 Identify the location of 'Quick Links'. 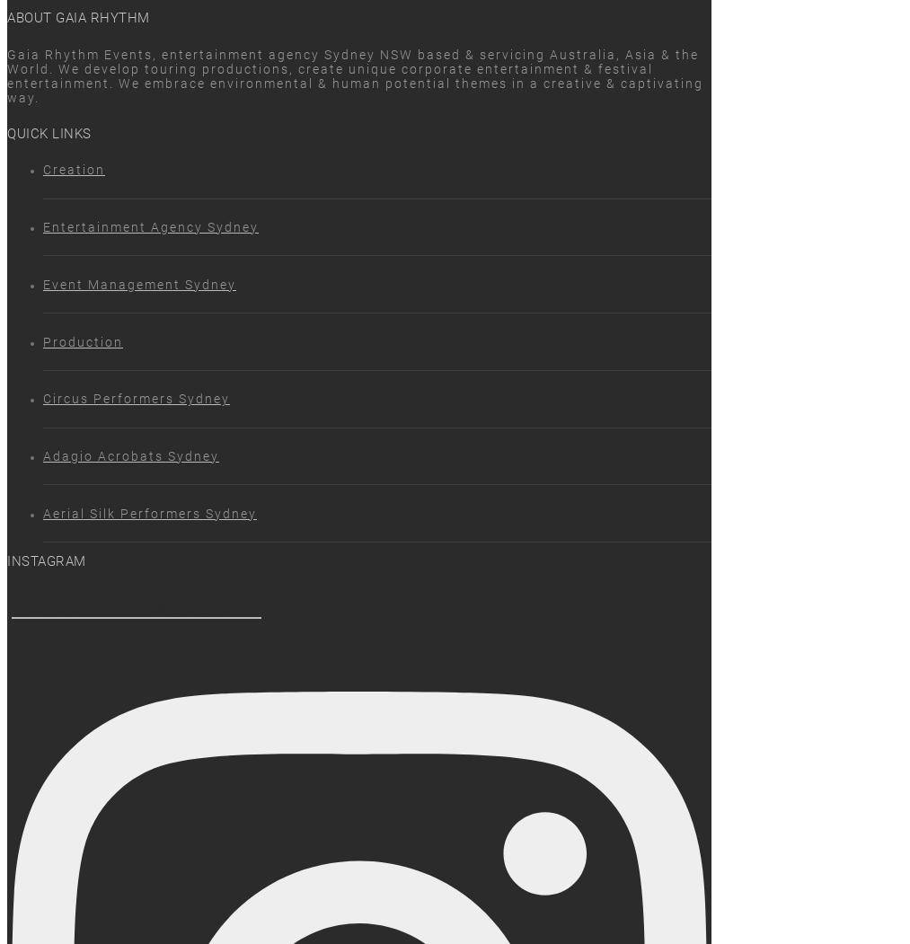
(48, 131).